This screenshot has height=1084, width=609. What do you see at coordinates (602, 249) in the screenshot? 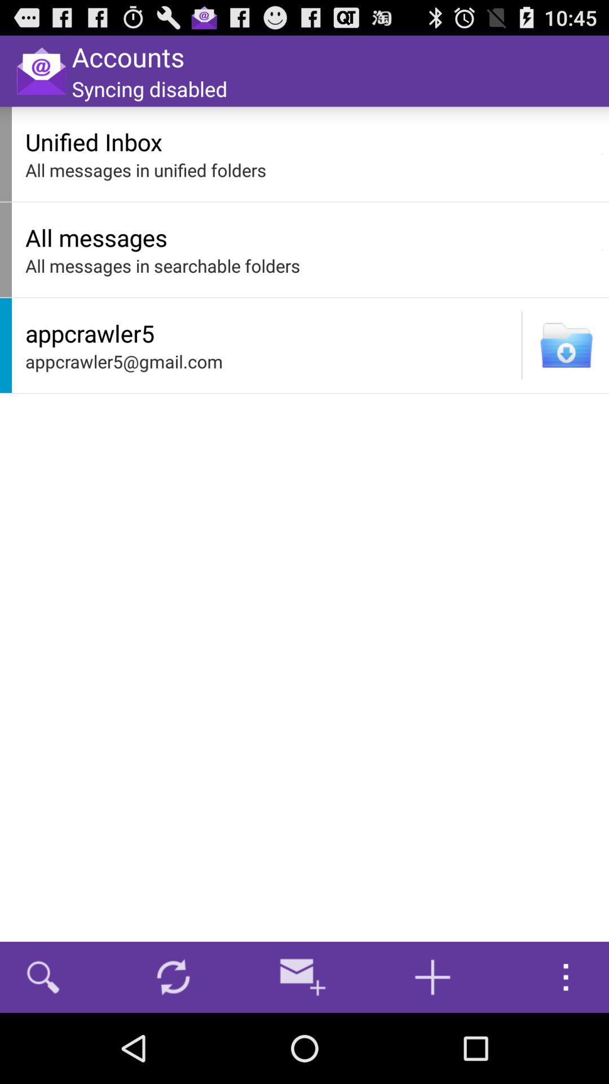
I see `item to the right of the all messages` at bounding box center [602, 249].